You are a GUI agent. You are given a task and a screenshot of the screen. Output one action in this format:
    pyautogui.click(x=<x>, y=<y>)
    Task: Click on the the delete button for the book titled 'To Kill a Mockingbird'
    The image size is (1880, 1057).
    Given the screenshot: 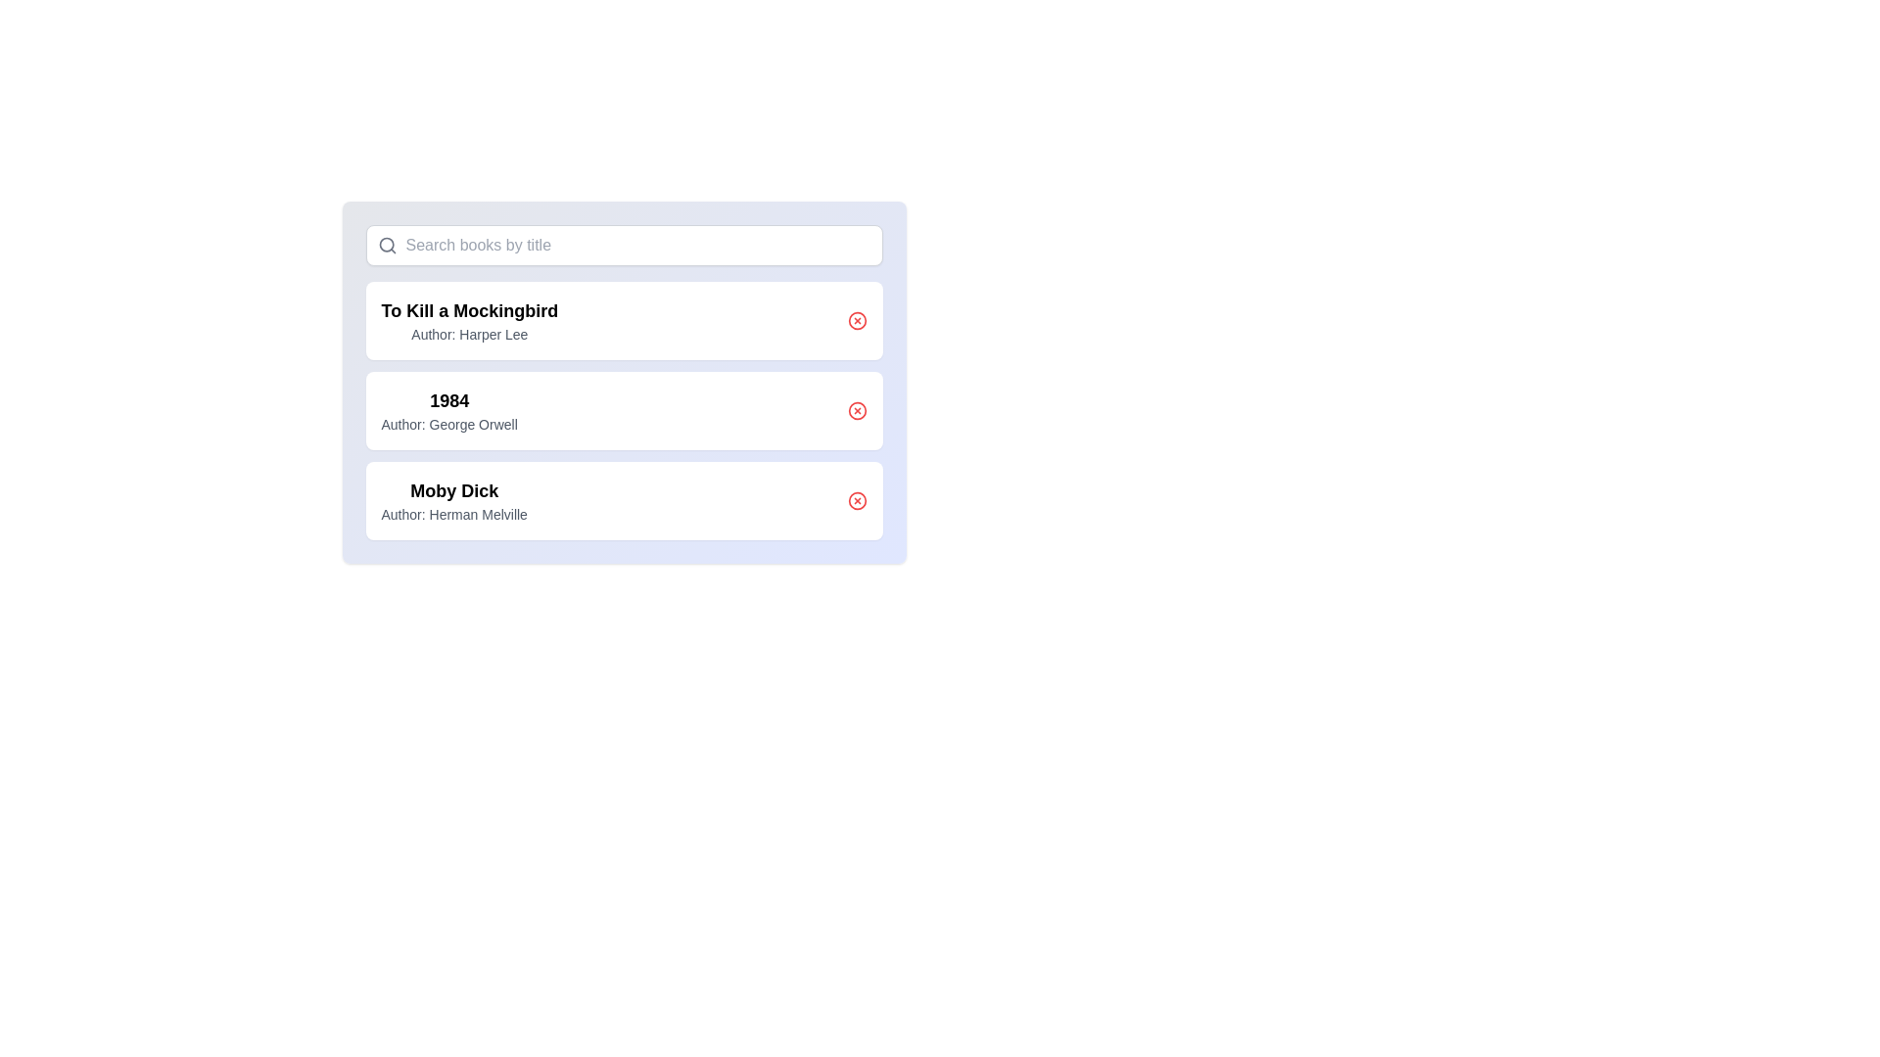 What is the action you would take?
    pyautogui.click(x=857, y=319)
    